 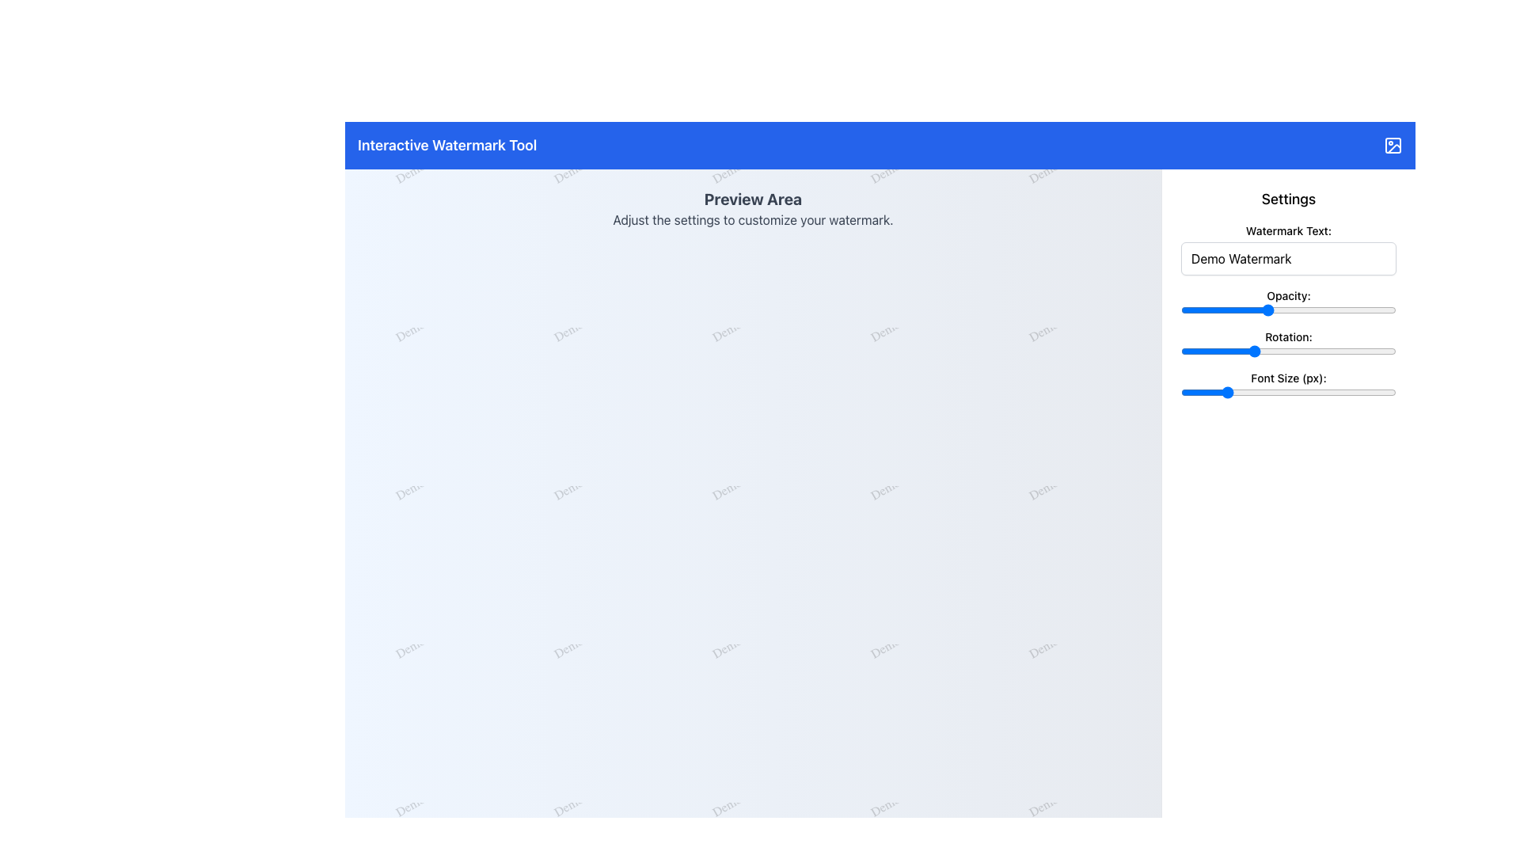 What do you see at coordinates (1393, 146) in the screenshot?
I see `the icon representing the 'Interactive Watermark Tool' located at the far right of the header bar` at bounding box center [1393, 146].